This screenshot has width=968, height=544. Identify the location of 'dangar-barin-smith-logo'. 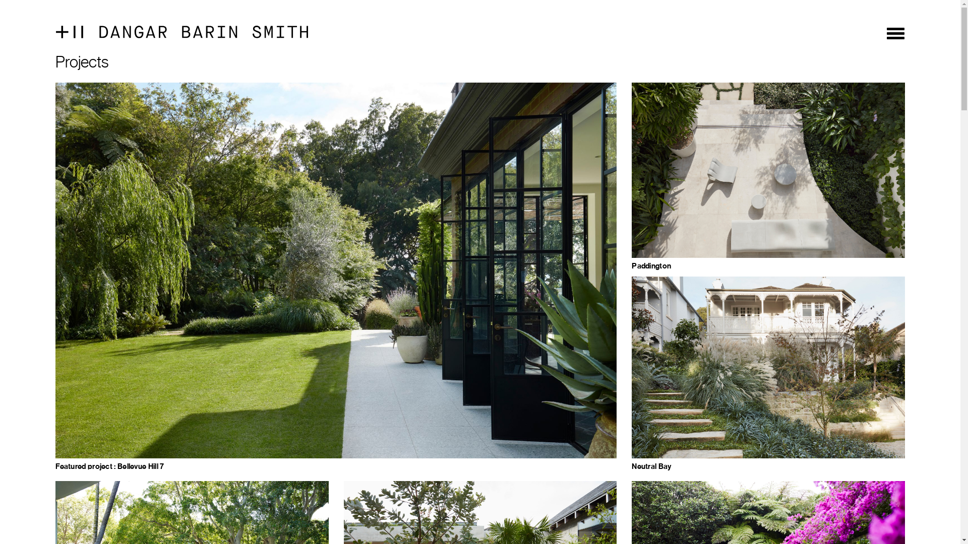
(181, 33).